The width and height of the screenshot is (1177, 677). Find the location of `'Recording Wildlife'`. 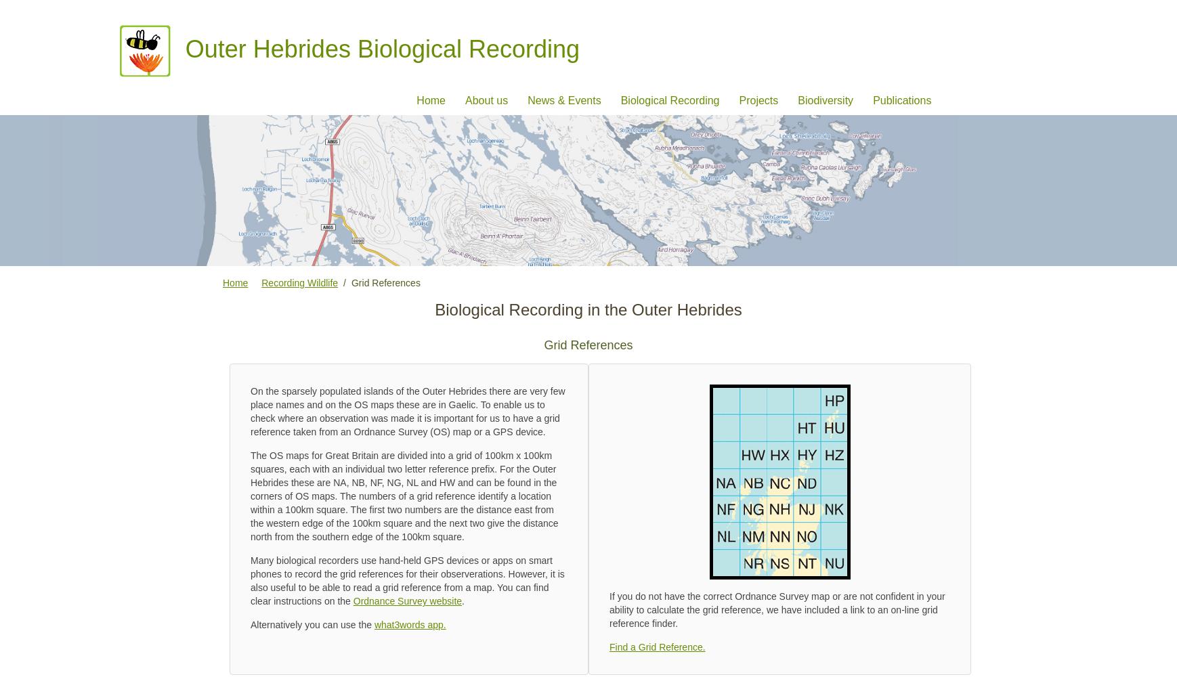

'Recording Wildlife' is located at coordinates (299, 283).